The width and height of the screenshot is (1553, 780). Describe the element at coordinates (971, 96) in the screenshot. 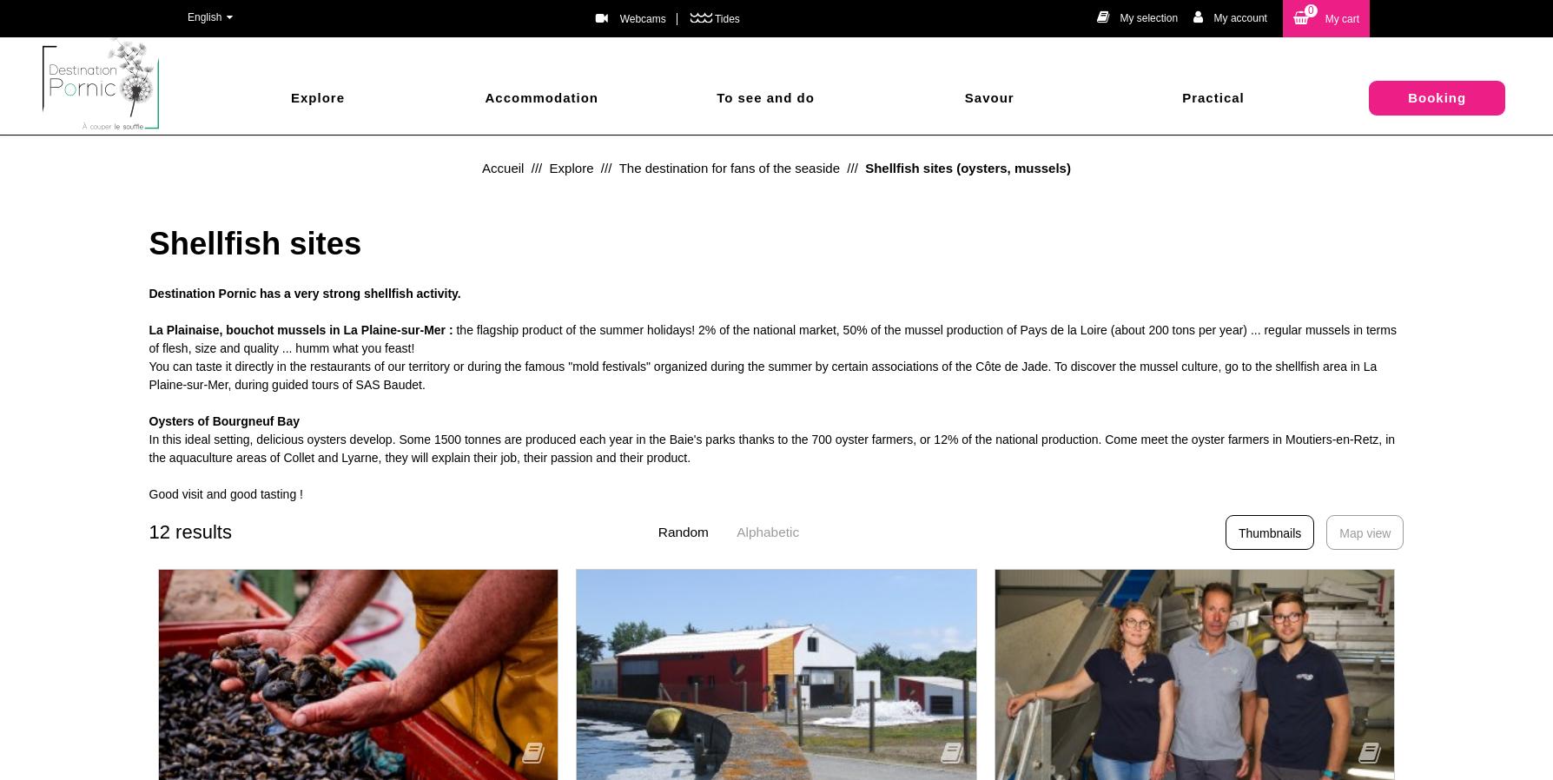

I see `'Savour'` at that location.